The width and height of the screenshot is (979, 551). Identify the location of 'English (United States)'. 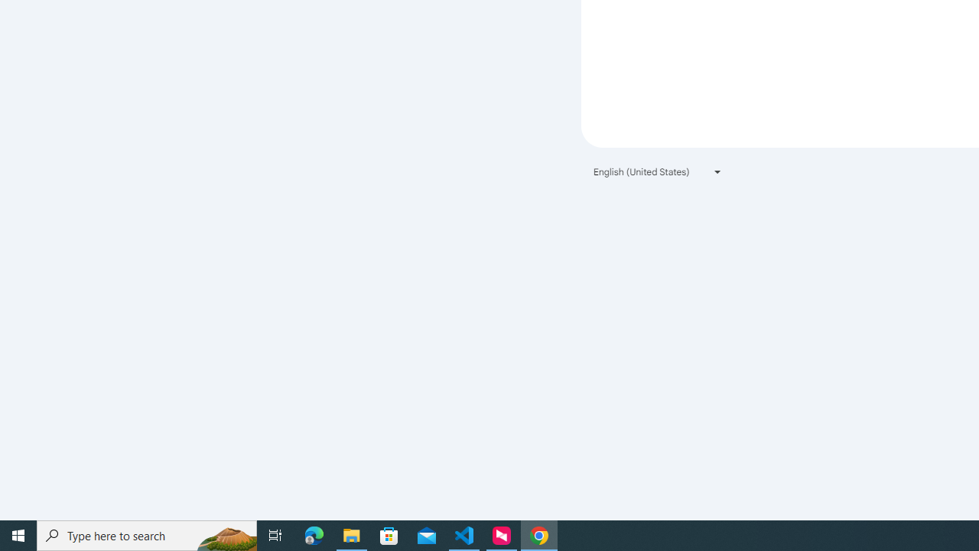
(658, 171).